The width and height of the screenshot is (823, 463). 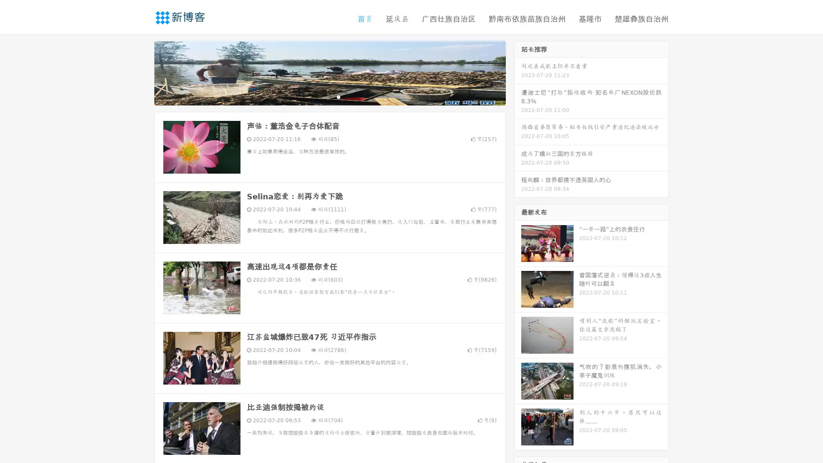 What do you see at coordinates (518, 72) in the screenshot?
I see `Next slide` at bounding box center [518, 72].